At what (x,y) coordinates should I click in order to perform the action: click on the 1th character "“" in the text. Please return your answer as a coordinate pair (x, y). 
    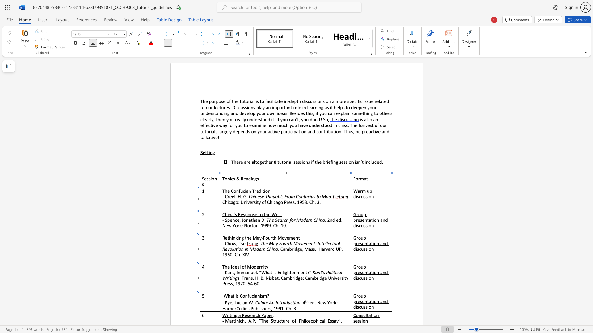
    Looking at the image, I should click on (260, 272).